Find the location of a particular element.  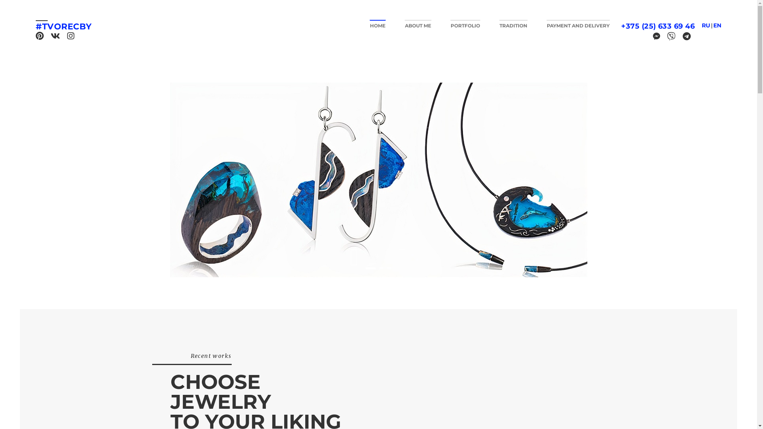

'PORTFOLIO' is located at coordinates (450, 24).